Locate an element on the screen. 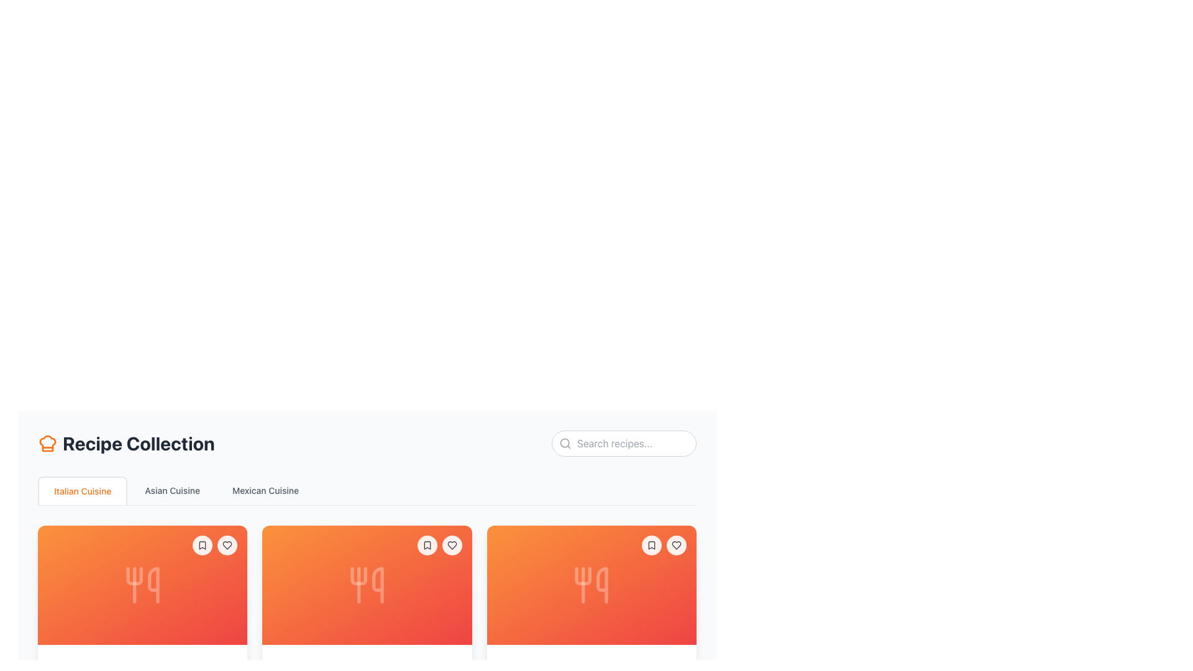  the bookmark button located in the top-right corner of the card layout is located at coordinates (427, 545).